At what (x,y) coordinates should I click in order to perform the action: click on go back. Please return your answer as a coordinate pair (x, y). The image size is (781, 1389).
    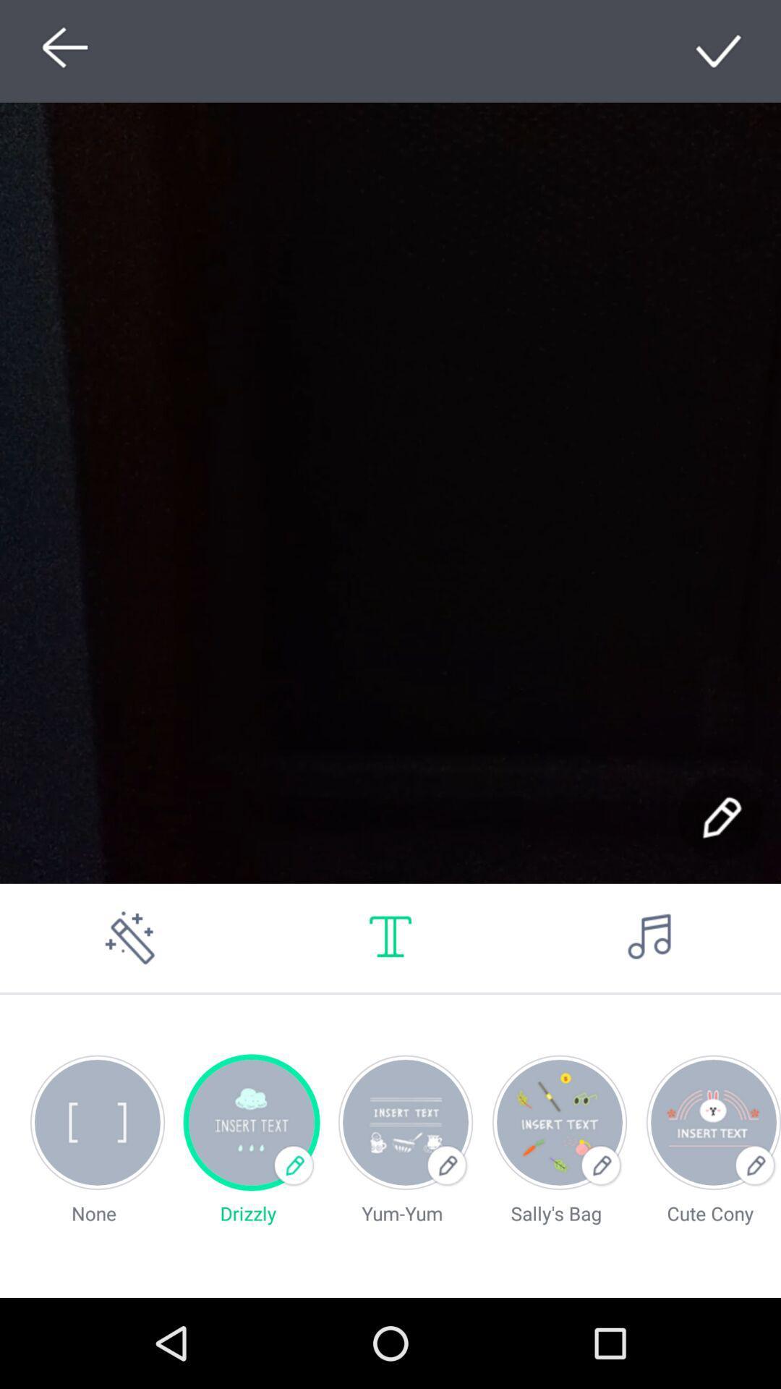
    Looking at the image, I should click on (60, 51).